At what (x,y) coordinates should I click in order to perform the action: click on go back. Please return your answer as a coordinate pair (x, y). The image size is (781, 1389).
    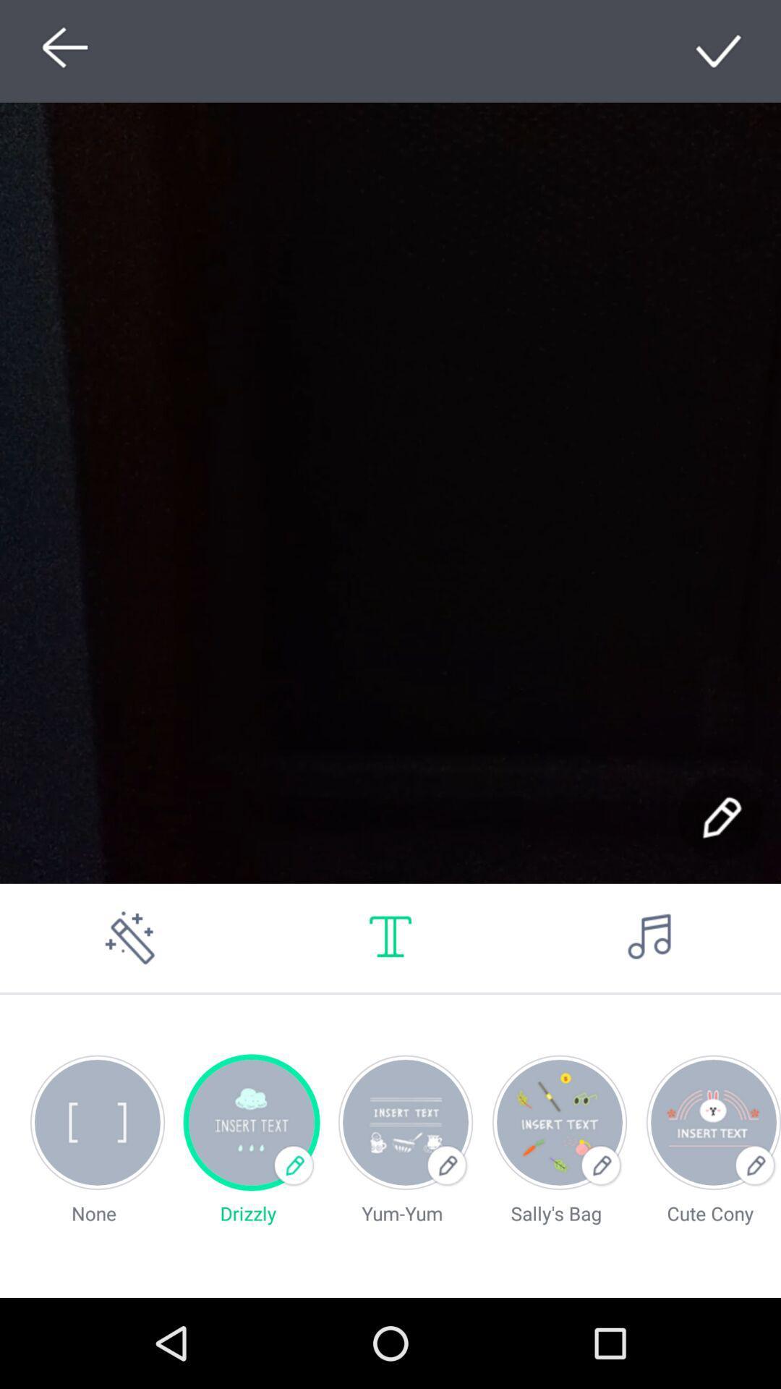
    Looking at the image, I should click on (60, 51).